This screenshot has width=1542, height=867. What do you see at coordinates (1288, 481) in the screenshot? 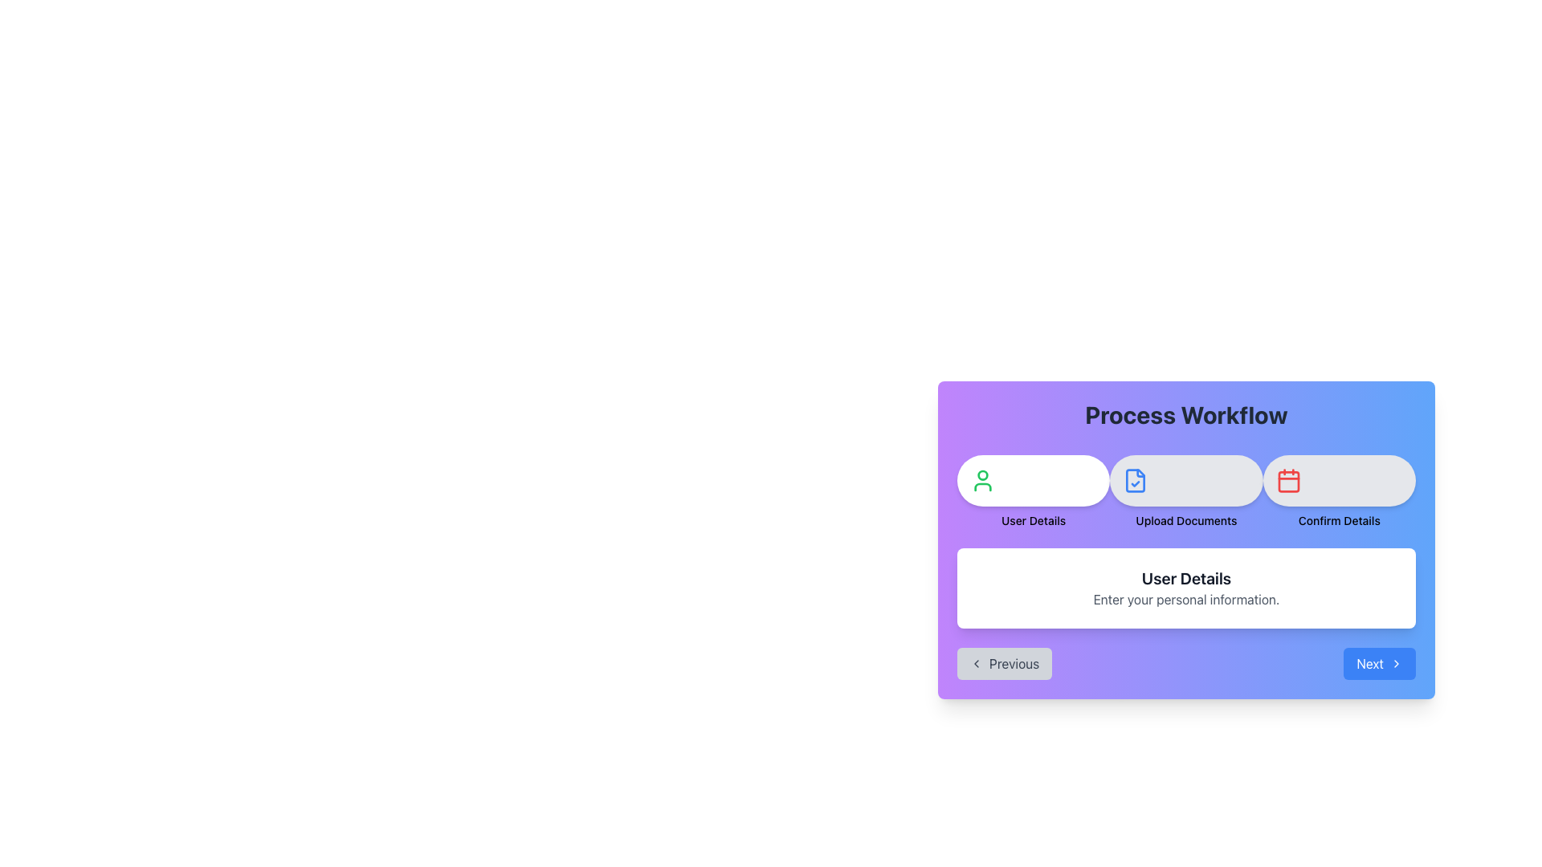
I see `the light red rectangular icon within the calendar icon, which is the third icon in the horizontal row of workflow steps` at bounding box center [1288, 481].